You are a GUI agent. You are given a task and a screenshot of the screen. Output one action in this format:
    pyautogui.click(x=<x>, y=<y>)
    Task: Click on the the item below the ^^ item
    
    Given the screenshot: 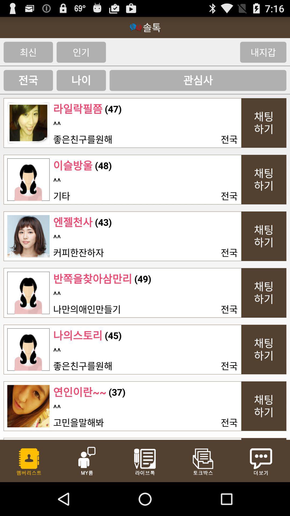 What is the action you would take?
    pyautogui.click(x=83, y=138)
    